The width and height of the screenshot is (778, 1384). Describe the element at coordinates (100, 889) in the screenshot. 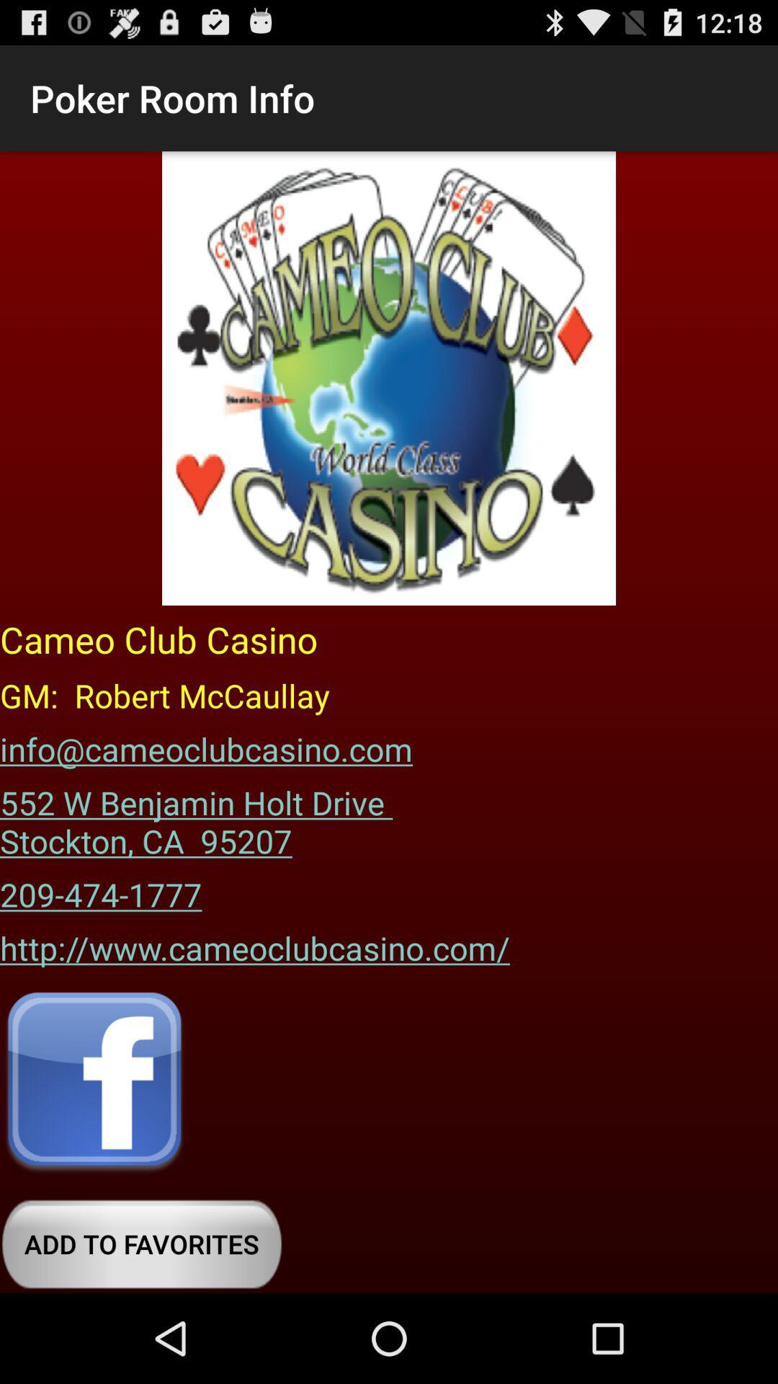

I see `209-474-1777` at that location.